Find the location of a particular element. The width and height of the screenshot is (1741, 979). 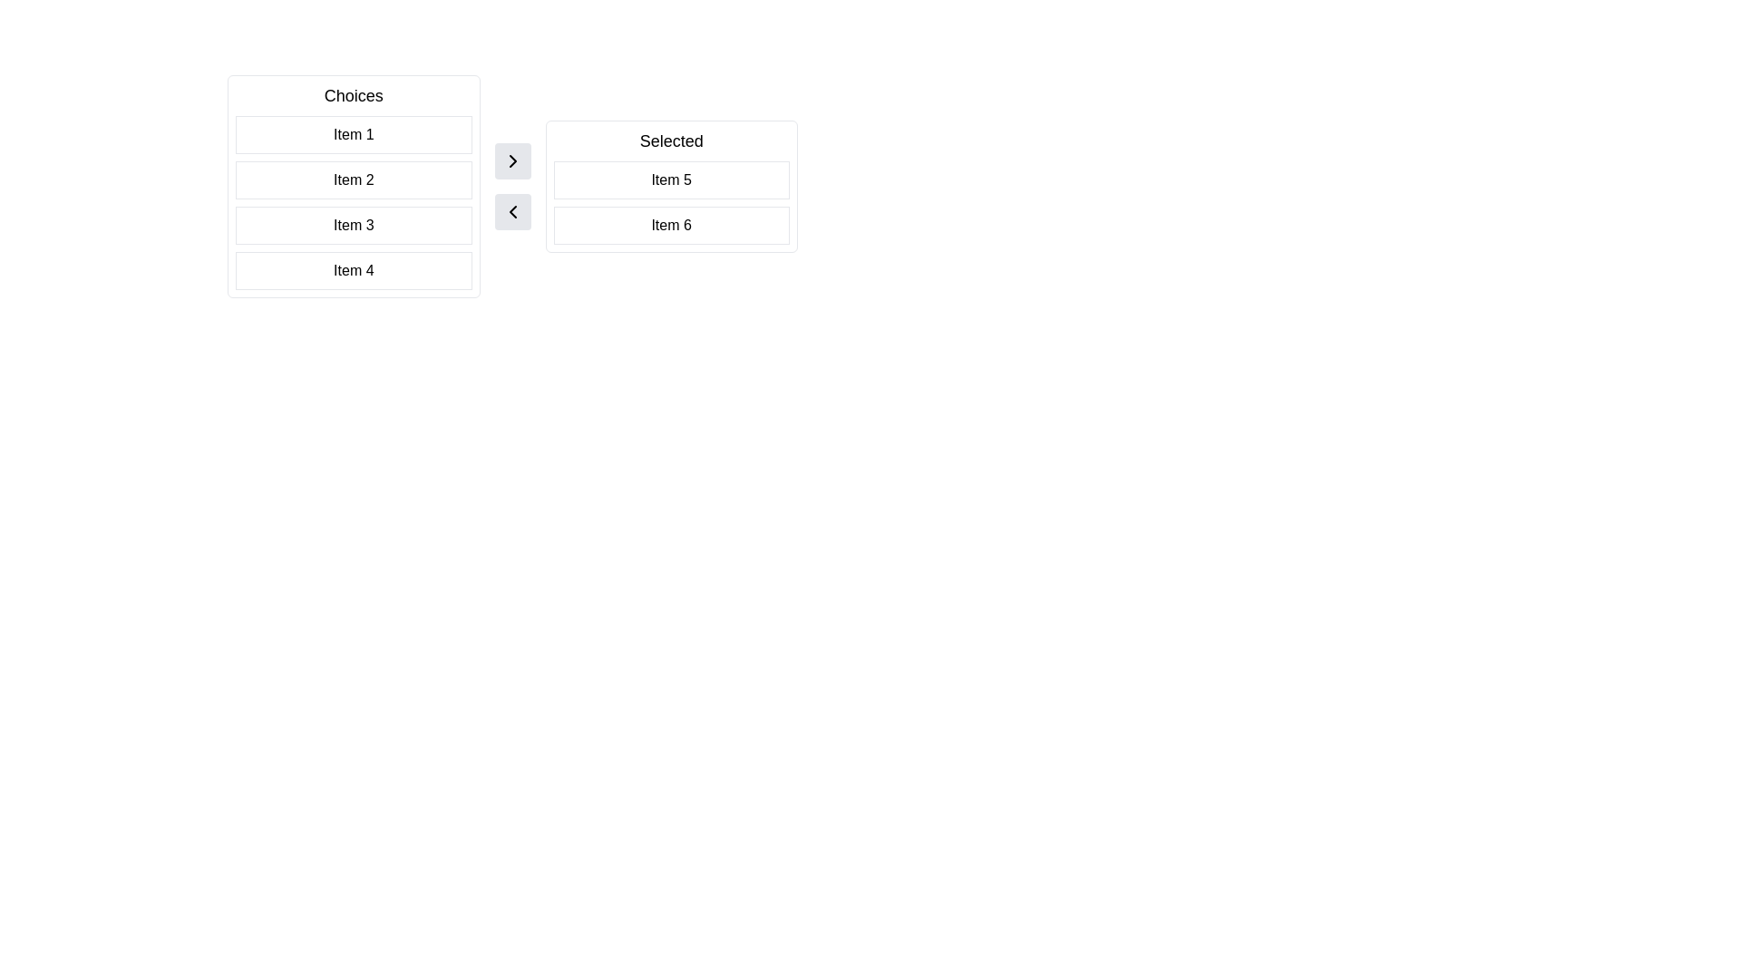

the rightward-pointing arrow icon, which is a clean, minimalistic button located between the 'Choices' and 'Selected' lists is located at coordinates (511, 160).